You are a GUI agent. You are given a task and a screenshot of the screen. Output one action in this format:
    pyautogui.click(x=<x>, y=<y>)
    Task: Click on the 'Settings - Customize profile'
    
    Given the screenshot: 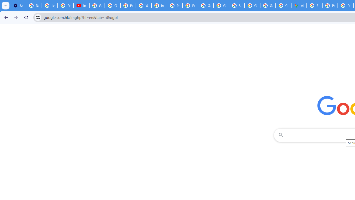 What is the action you would take?
    pyautogui.click(x=18, y=6)
    